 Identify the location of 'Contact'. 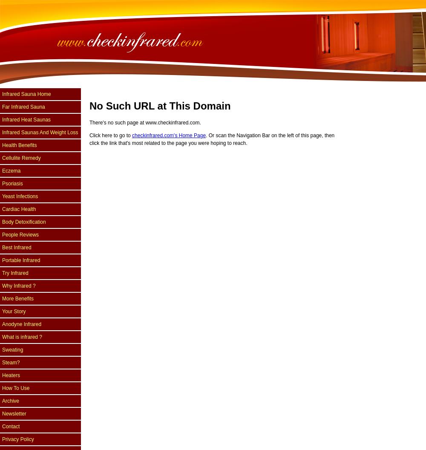
(11, 426).